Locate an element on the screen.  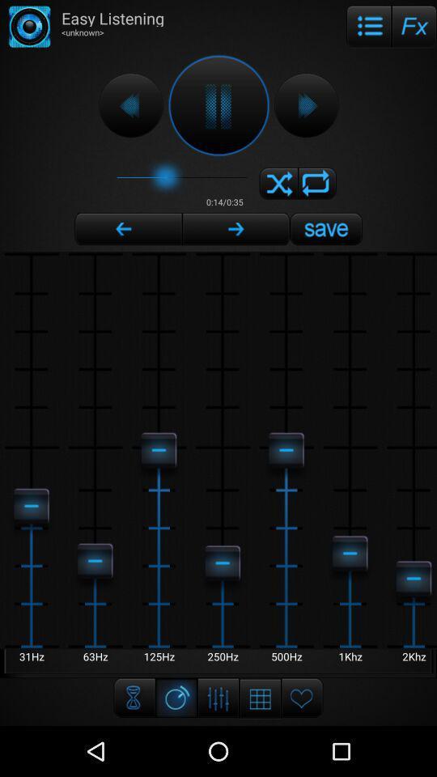
icon to the right of easy listening item is located at coordinates (369, 26).